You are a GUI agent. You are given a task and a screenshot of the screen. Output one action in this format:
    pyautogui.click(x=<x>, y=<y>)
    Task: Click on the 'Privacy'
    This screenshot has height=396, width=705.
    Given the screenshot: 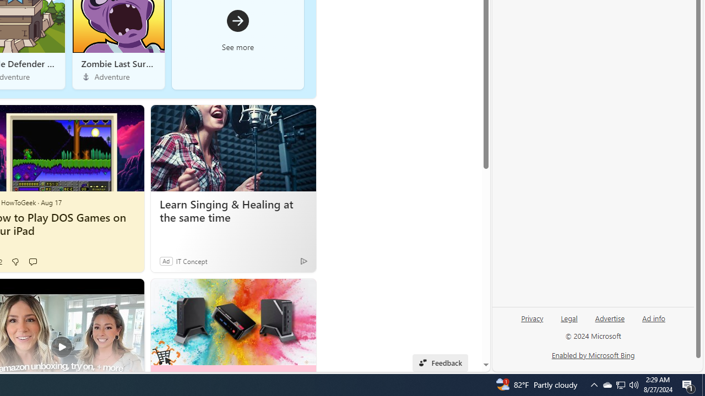 What is the action you would take?
    pyautogui.click(x=532, y=317)
    